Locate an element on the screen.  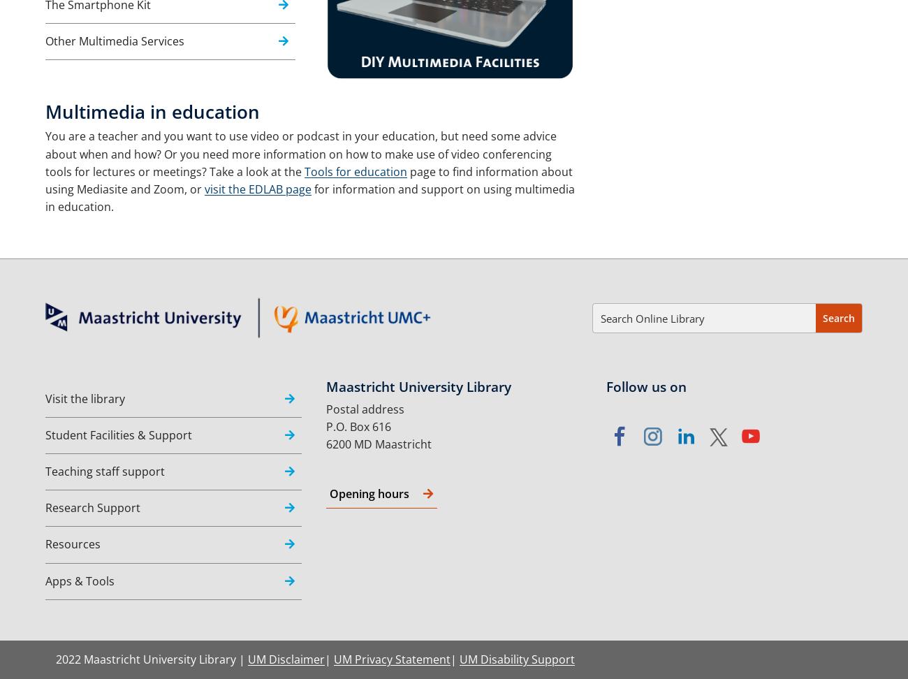
'Follow us on' is located at coordinates (646, 385).